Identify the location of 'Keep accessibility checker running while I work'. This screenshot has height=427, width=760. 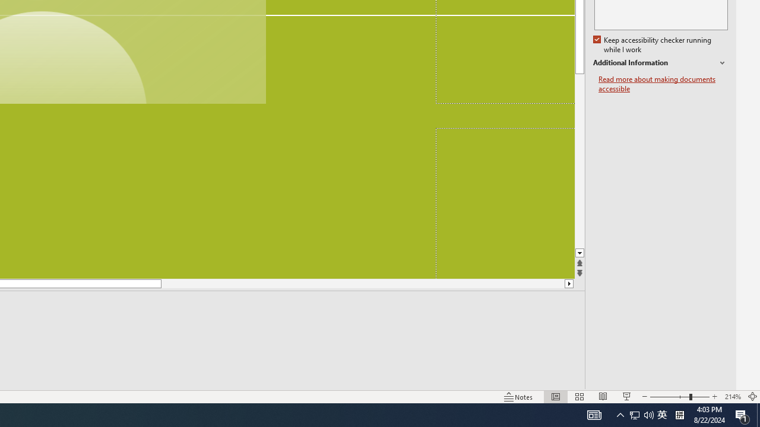
(653, 44).